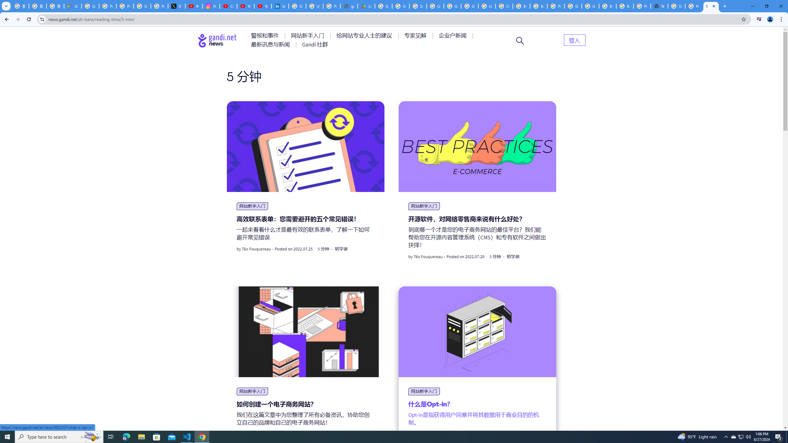 Image resolution: width=788 pixels, height=443 pixels. What do you see at coordinates (659, 6) in the screenshot?
I see `'New Tab'` at bounding box center [659, 6].